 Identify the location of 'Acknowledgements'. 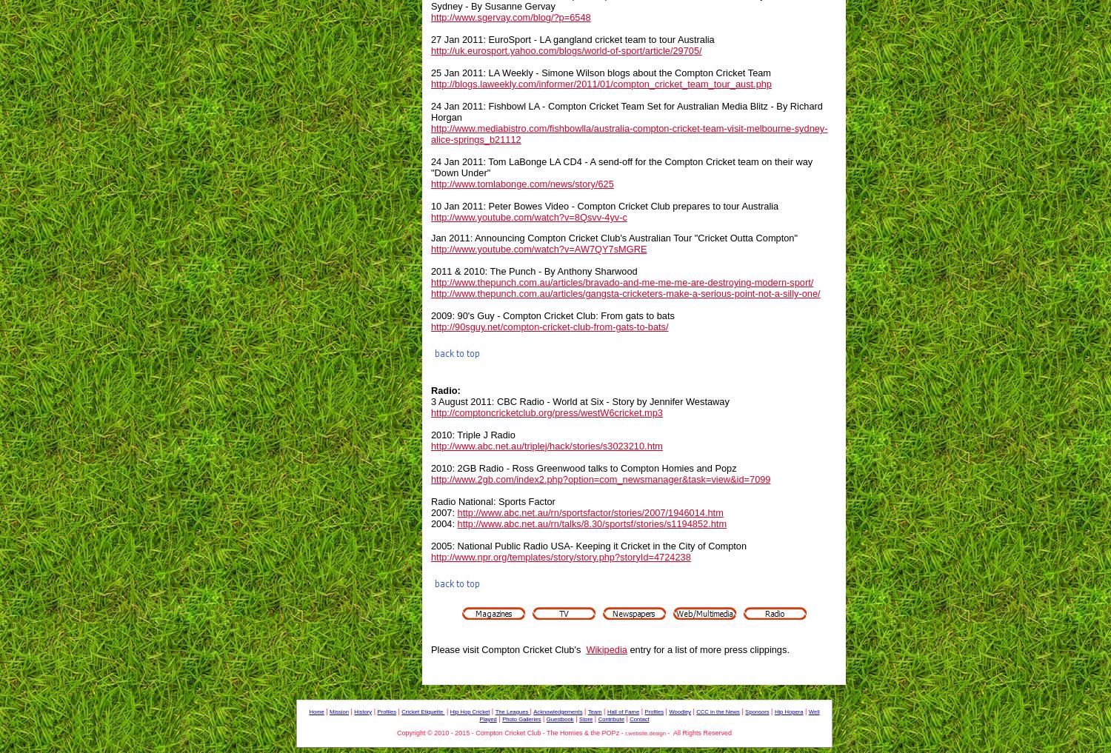
(558, 710).